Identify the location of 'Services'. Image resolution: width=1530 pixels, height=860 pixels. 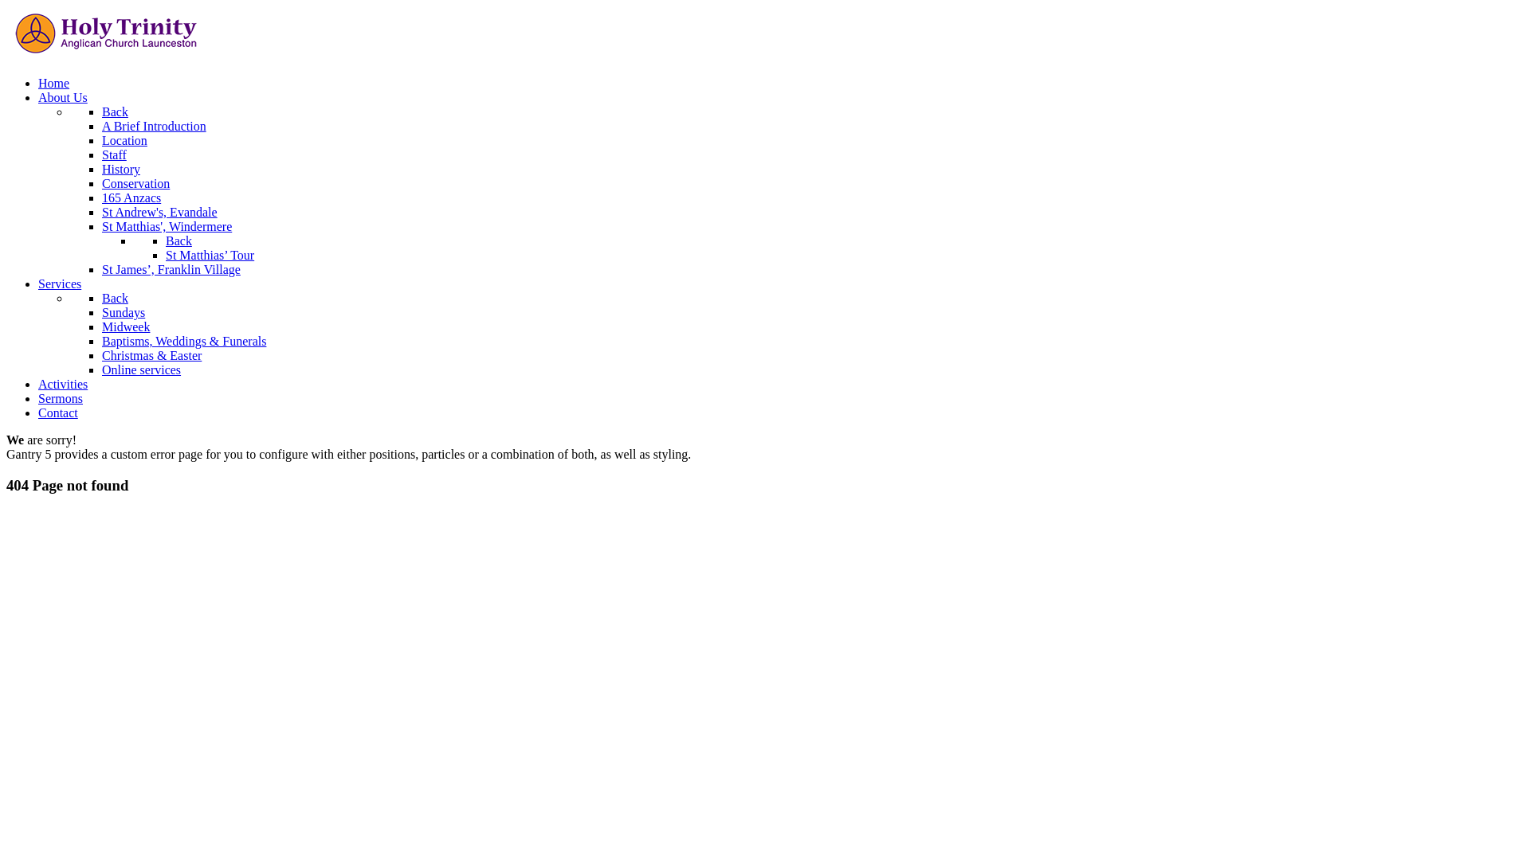
(60, 283).